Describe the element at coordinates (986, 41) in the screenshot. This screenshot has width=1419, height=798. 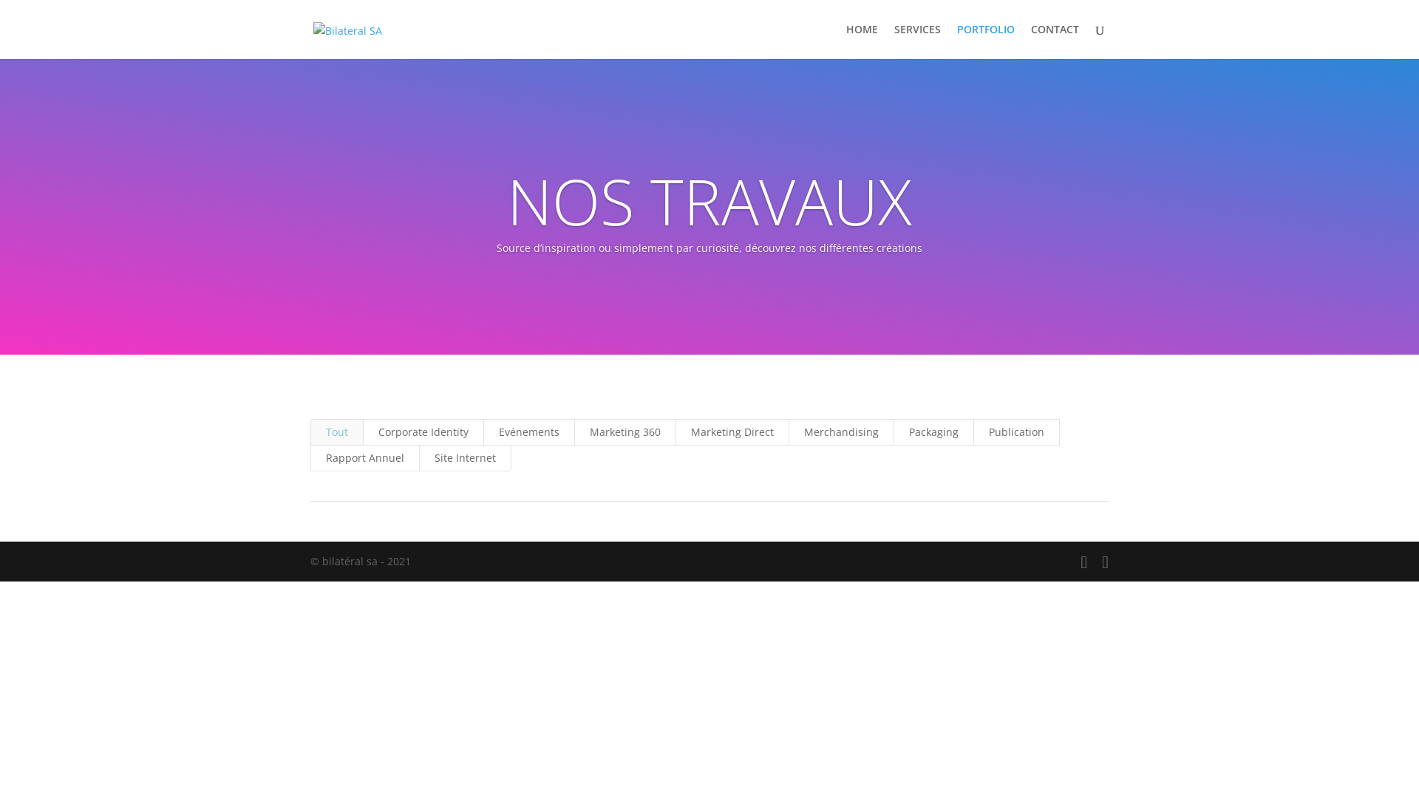
I see `'PORTFOLIO'` at that location.